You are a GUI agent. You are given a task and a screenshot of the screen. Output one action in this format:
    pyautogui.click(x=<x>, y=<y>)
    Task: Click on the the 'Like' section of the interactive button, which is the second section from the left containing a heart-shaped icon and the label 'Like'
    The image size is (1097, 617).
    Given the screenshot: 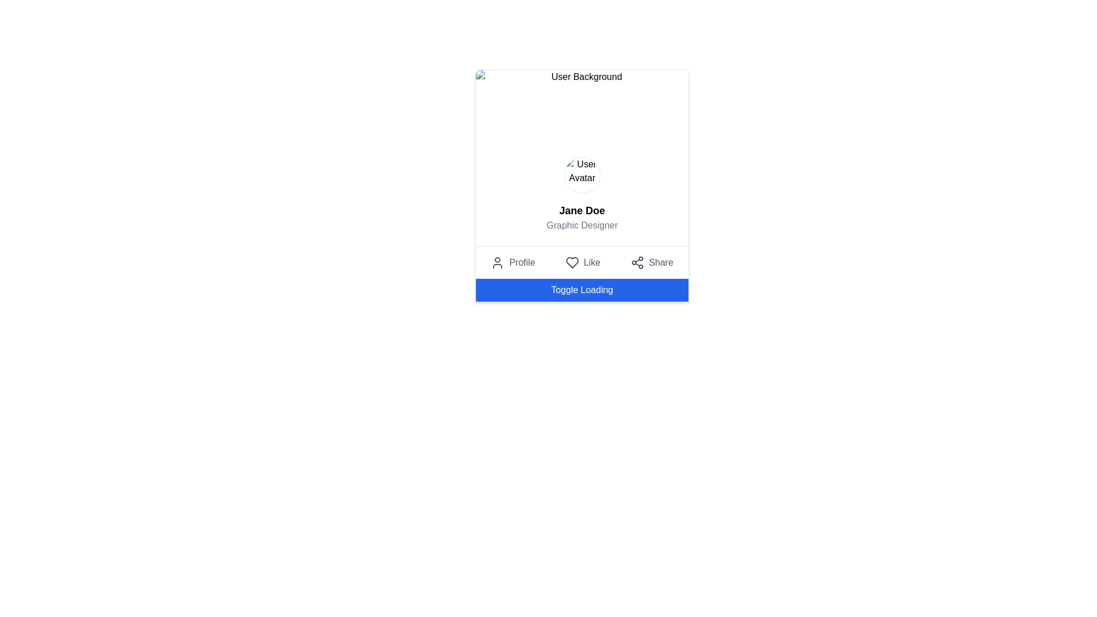 What is the action you would take?
    pyautogui.click(x=582, y=262)
    